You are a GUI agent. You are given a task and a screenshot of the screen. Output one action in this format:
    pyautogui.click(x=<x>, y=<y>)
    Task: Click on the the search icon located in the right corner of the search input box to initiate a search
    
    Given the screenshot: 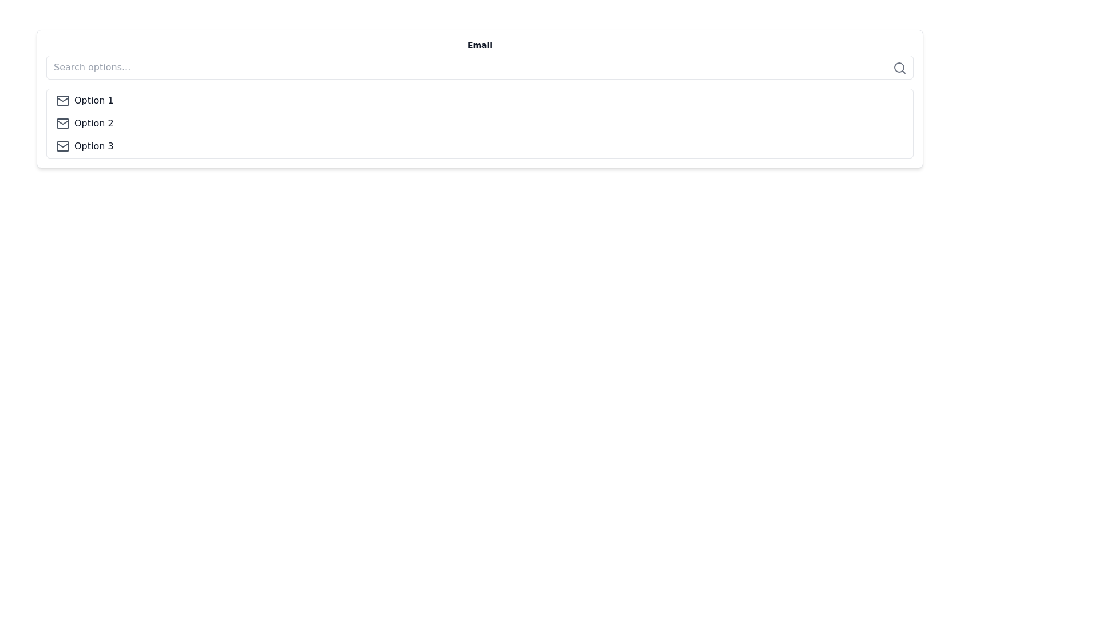 What is the action you would take?
    pyautogui.click(x=899, y=68)
    